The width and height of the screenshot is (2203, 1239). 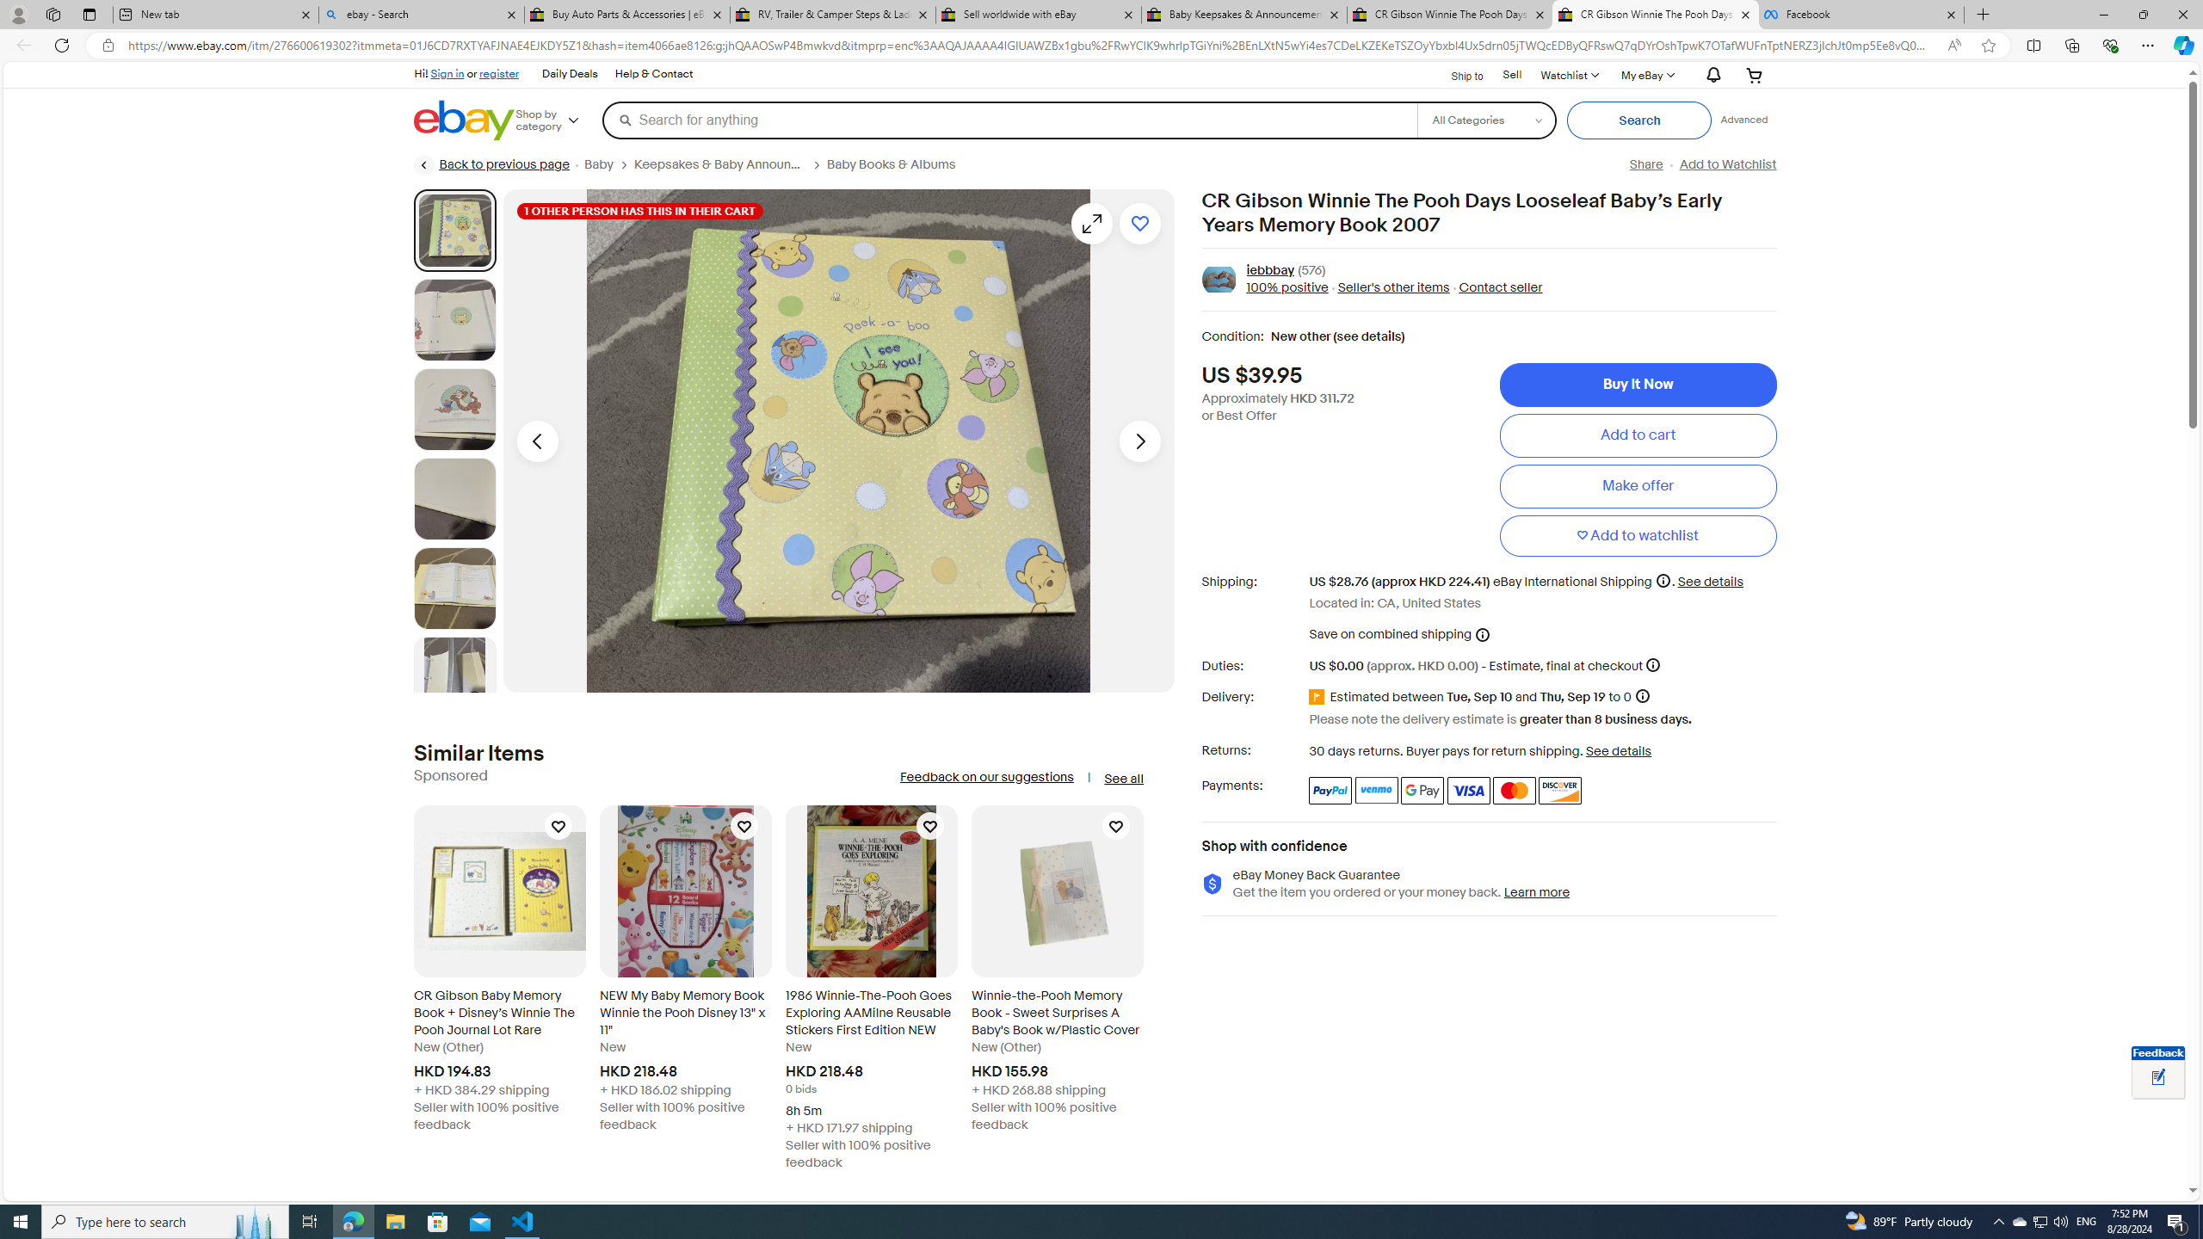 I want to click on 'Facebook', so click(x=1861, y=14).